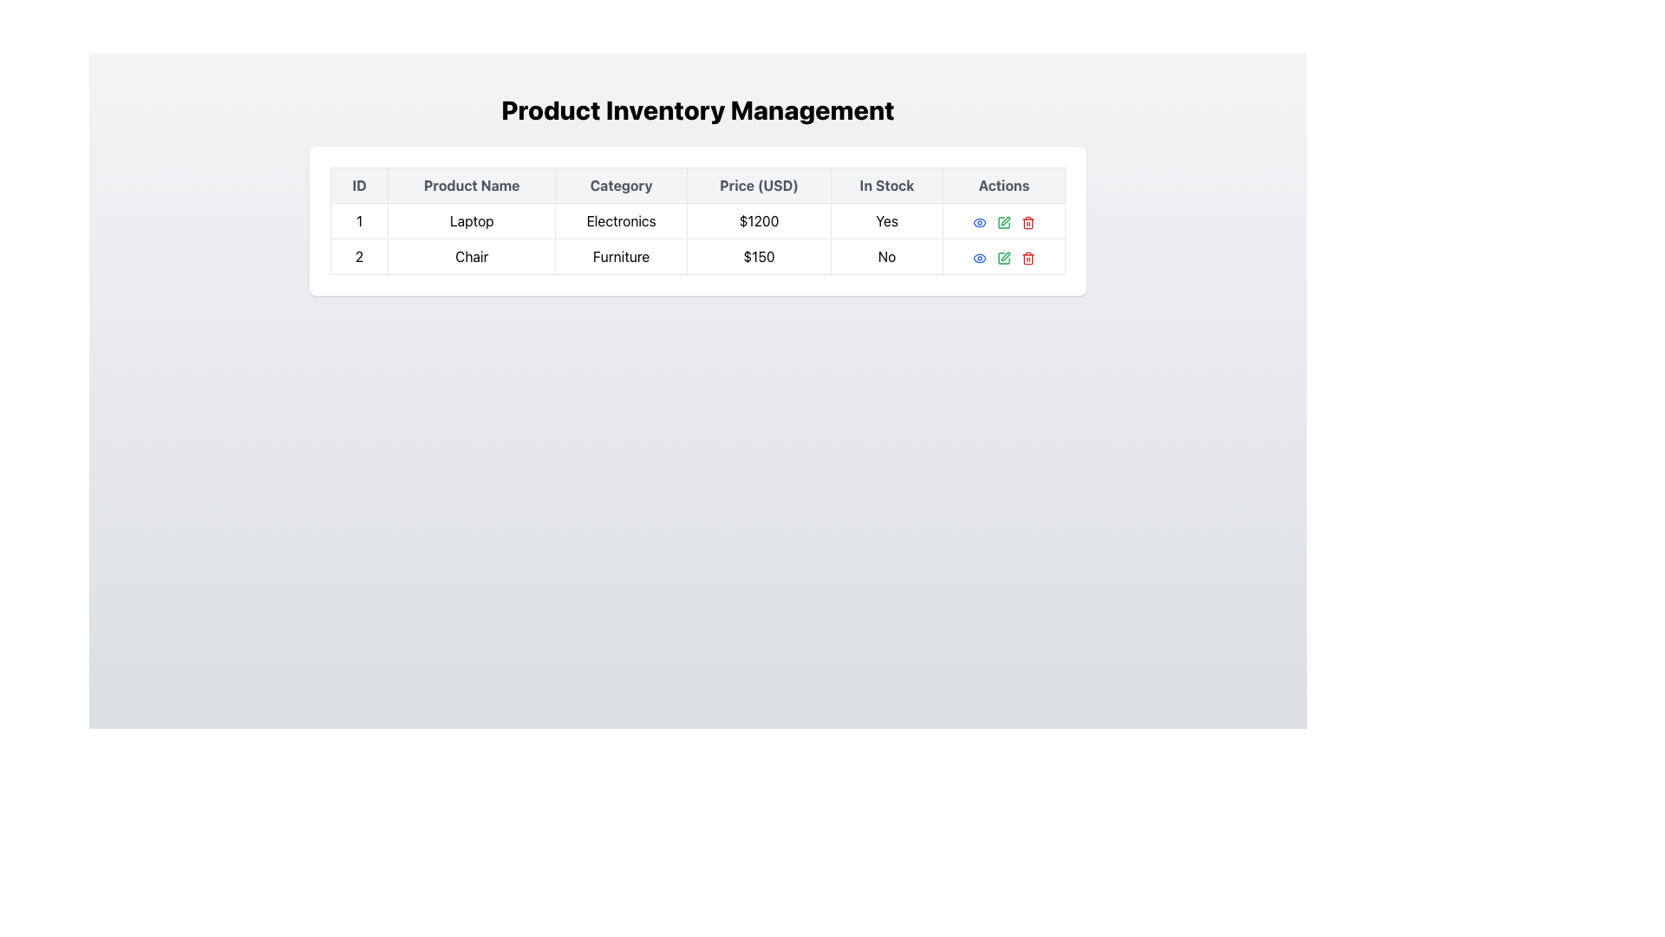 The height and width of the screenshot is (937, 1665). I want to click on the red trash can icon in the 'Actions' column of the second row, so click(1028, 257).